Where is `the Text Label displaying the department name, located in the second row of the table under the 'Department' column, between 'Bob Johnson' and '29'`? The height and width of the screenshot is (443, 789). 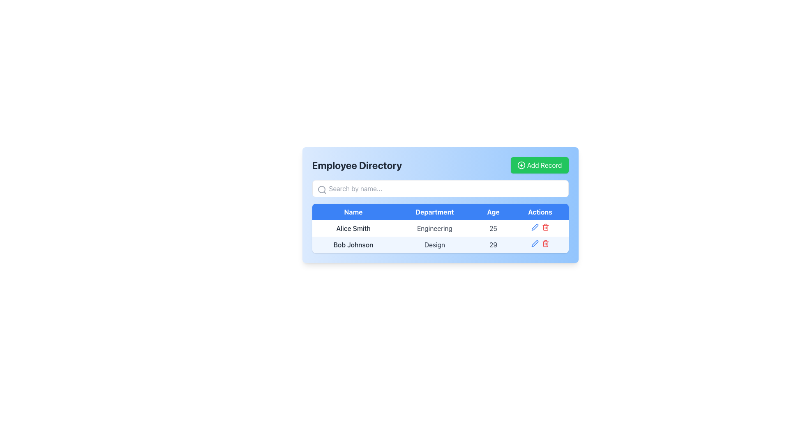 the Text Label displaying the department name, located in the second row of the table under the 'Department' column, between 'Bob Johnson' and '29' is located at coordinates (434, 244).